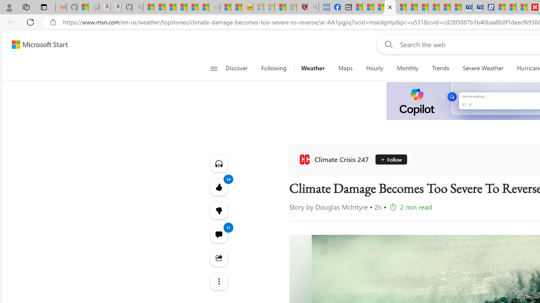 Image resolution: width=540 pixels, height=303 pixels. I want to click on 'Hourly', so click(374, 68).